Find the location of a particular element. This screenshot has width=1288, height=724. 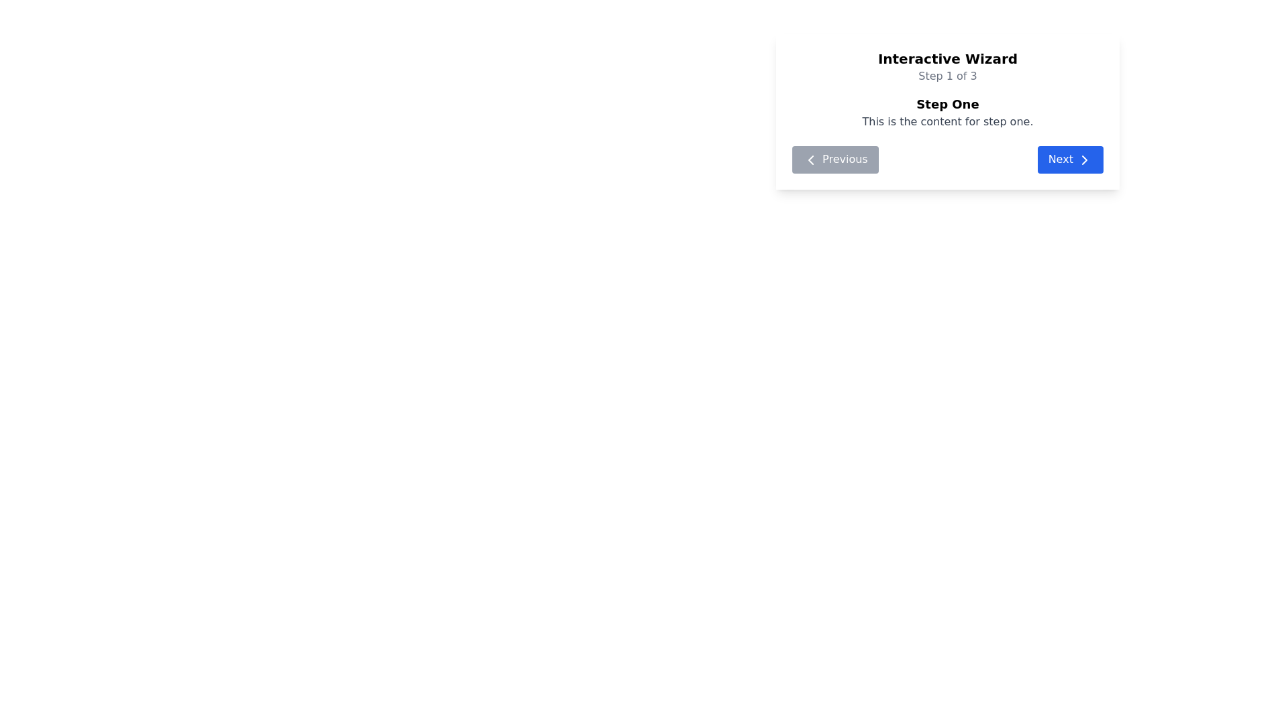

the right-facing arrow icon on the 'Next' button to proceed to the next step in the 'Interactive Wizard' is located at coordinates (1085, 159).